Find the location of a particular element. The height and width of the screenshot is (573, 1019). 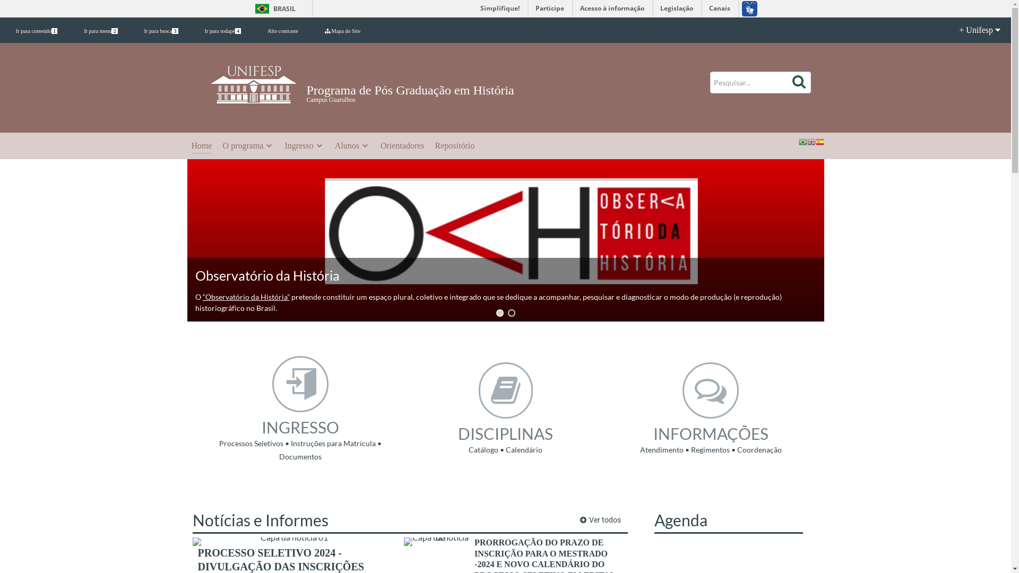

'Ir para menu2' is located at coordinates (100, 30).